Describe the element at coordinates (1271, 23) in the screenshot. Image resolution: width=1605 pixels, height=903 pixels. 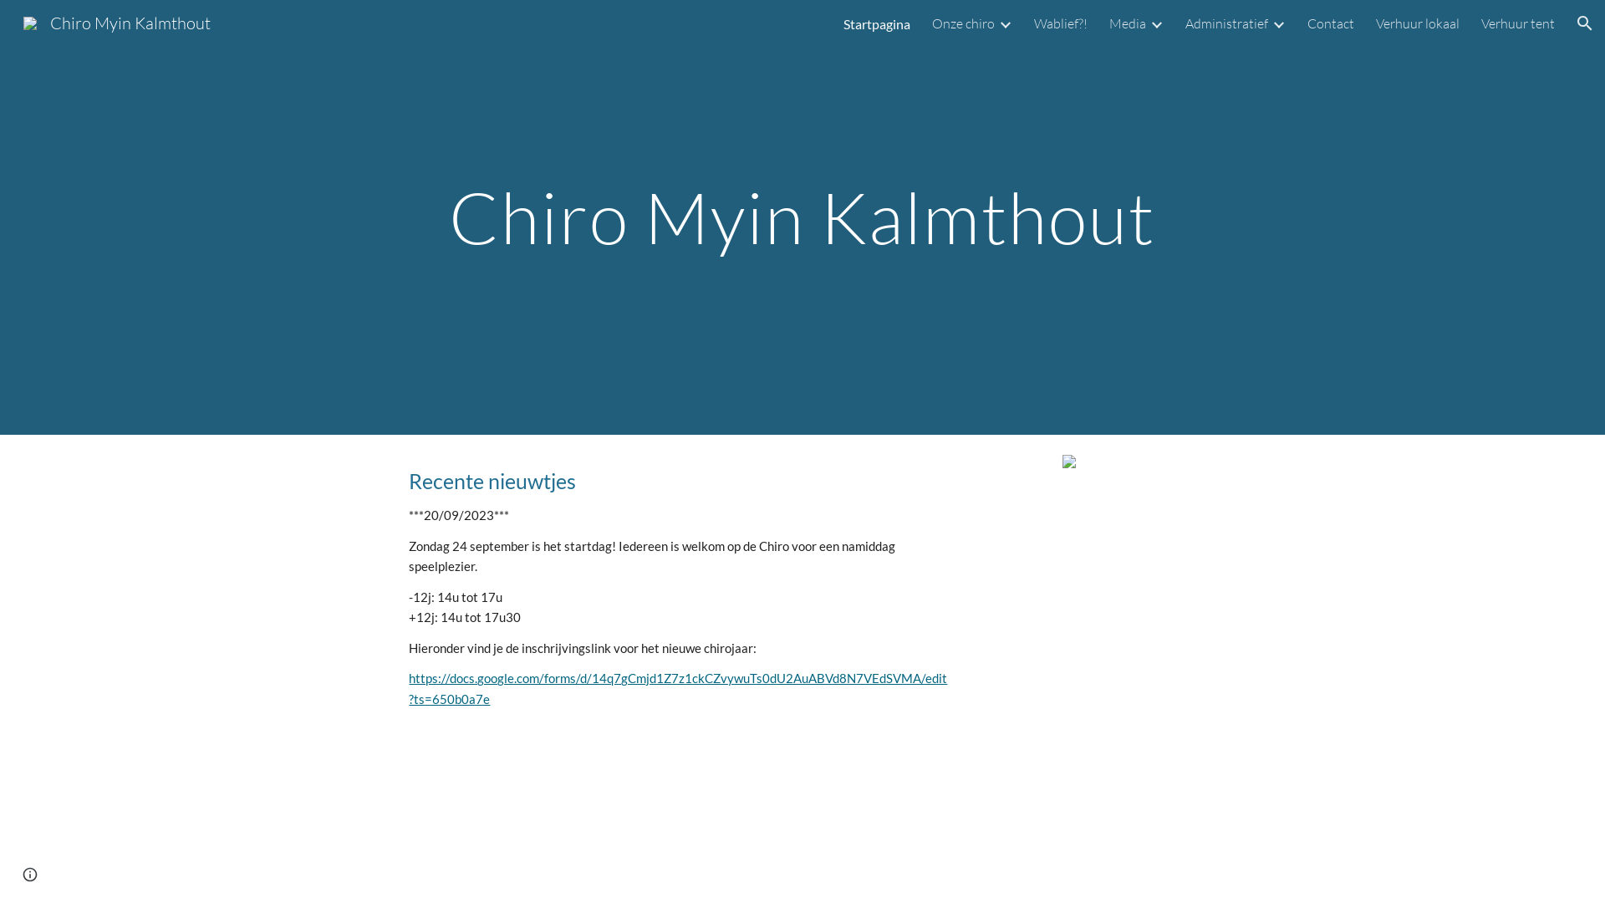
I see `'Expand/Collapse'` at that location.